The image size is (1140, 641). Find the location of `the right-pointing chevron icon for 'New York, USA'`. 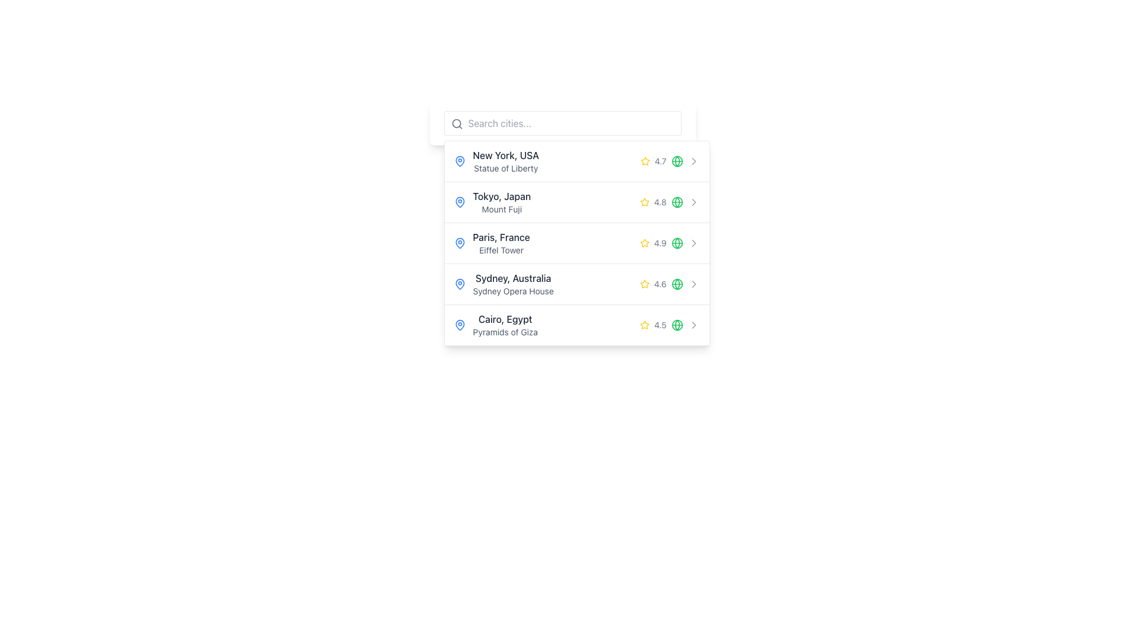

the right-pointing chevron icon for 'New York, USA' is located at coordinates (693, 161).